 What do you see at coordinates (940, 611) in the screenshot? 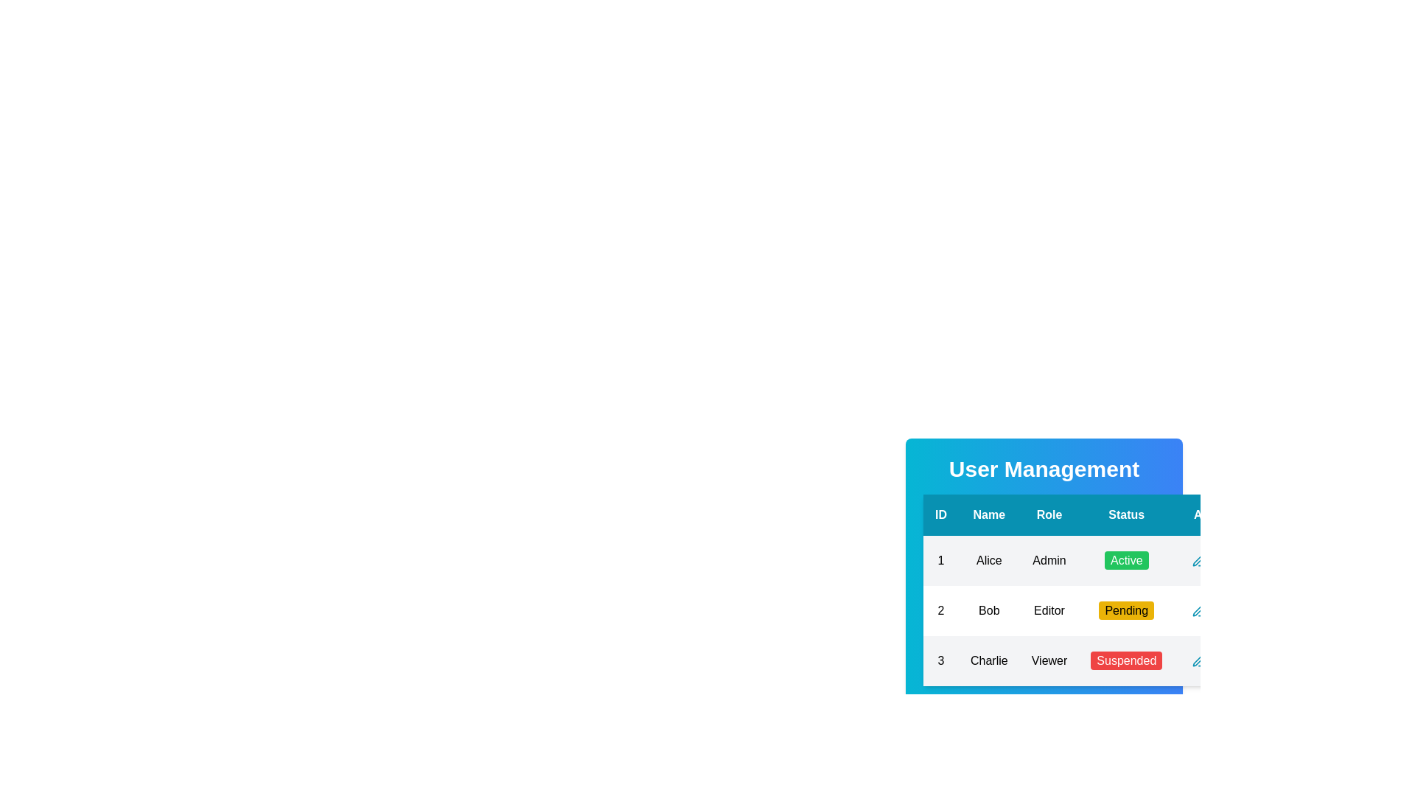
I see `the Text or label element representing the identifier for the second row in the table under the 'ID' column, which is the first column entry before 'Bob' in the 'Name' column` at bounding box center [940, 611].